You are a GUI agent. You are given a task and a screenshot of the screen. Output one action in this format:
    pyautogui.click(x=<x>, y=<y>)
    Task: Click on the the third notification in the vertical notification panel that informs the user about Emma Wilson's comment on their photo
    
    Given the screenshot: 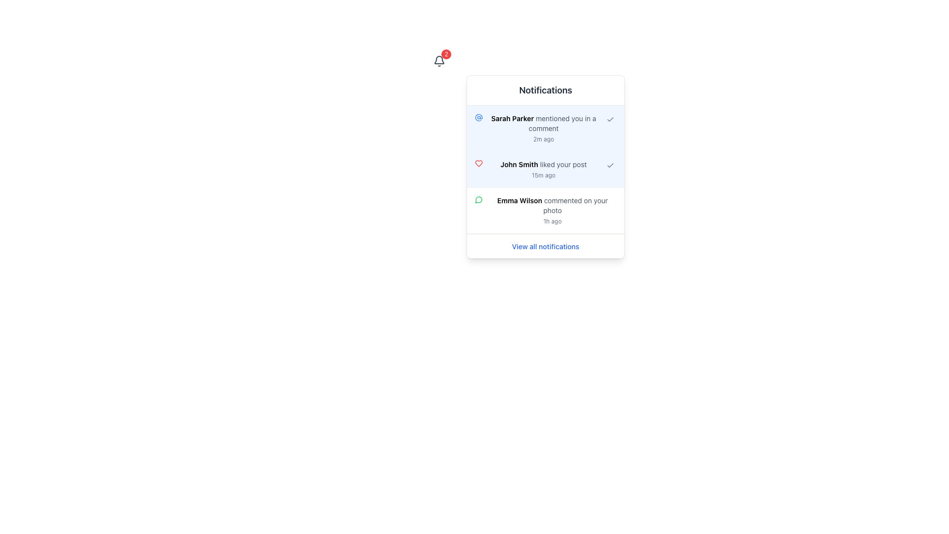 What is the action you would take?
    pyautogui.click(x=545, y=210)
    